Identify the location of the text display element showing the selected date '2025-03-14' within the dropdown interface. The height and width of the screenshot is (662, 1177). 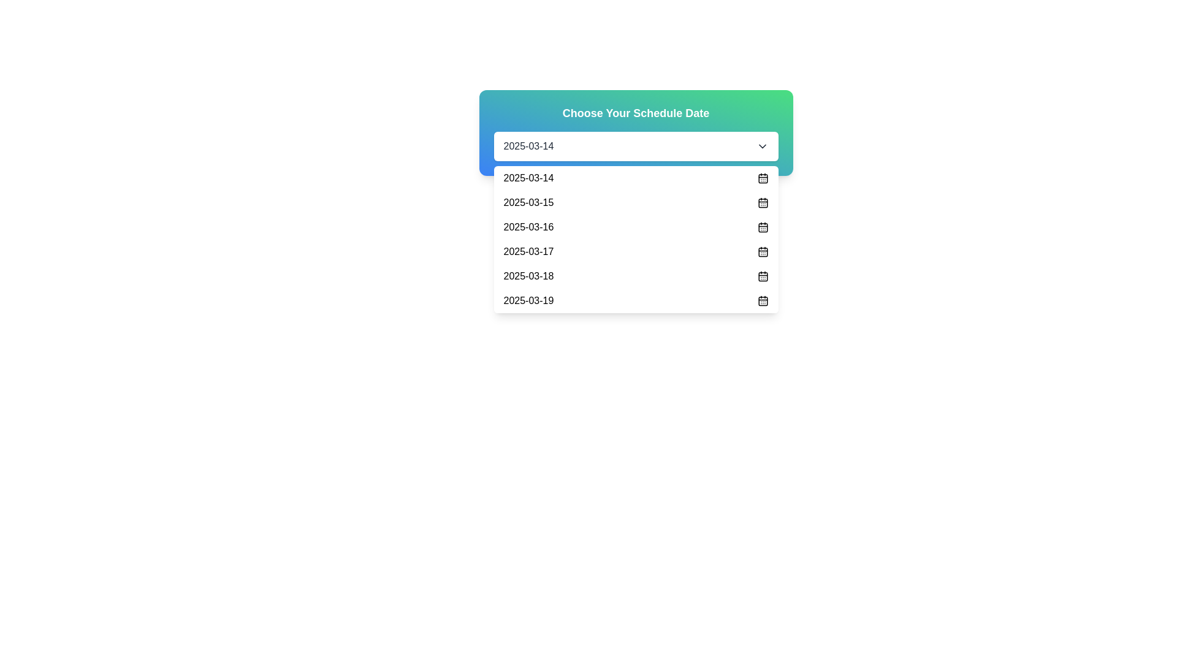
(528, 146).